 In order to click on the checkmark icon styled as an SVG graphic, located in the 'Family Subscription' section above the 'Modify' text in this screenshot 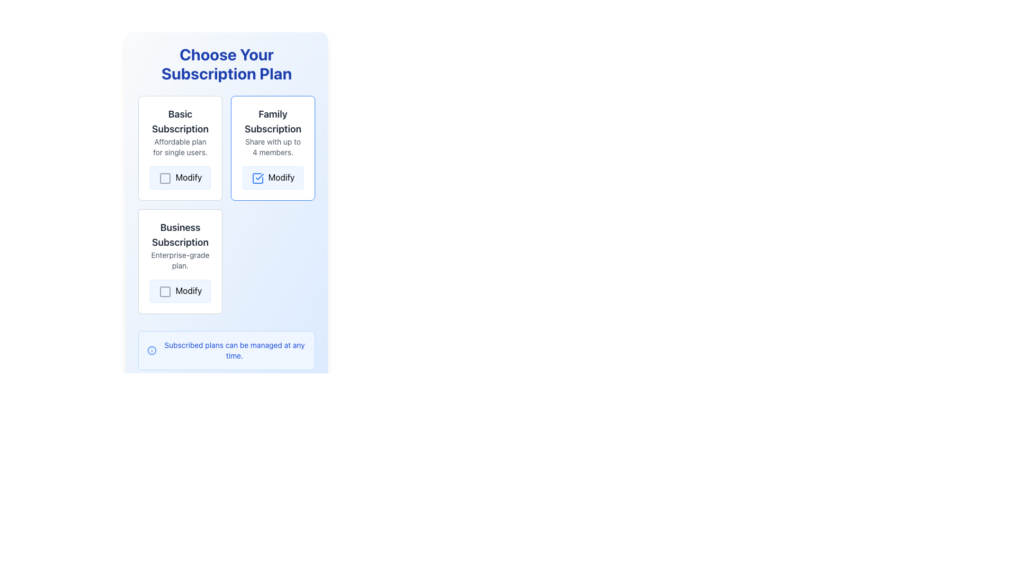, I will do `click(259, 176)`.